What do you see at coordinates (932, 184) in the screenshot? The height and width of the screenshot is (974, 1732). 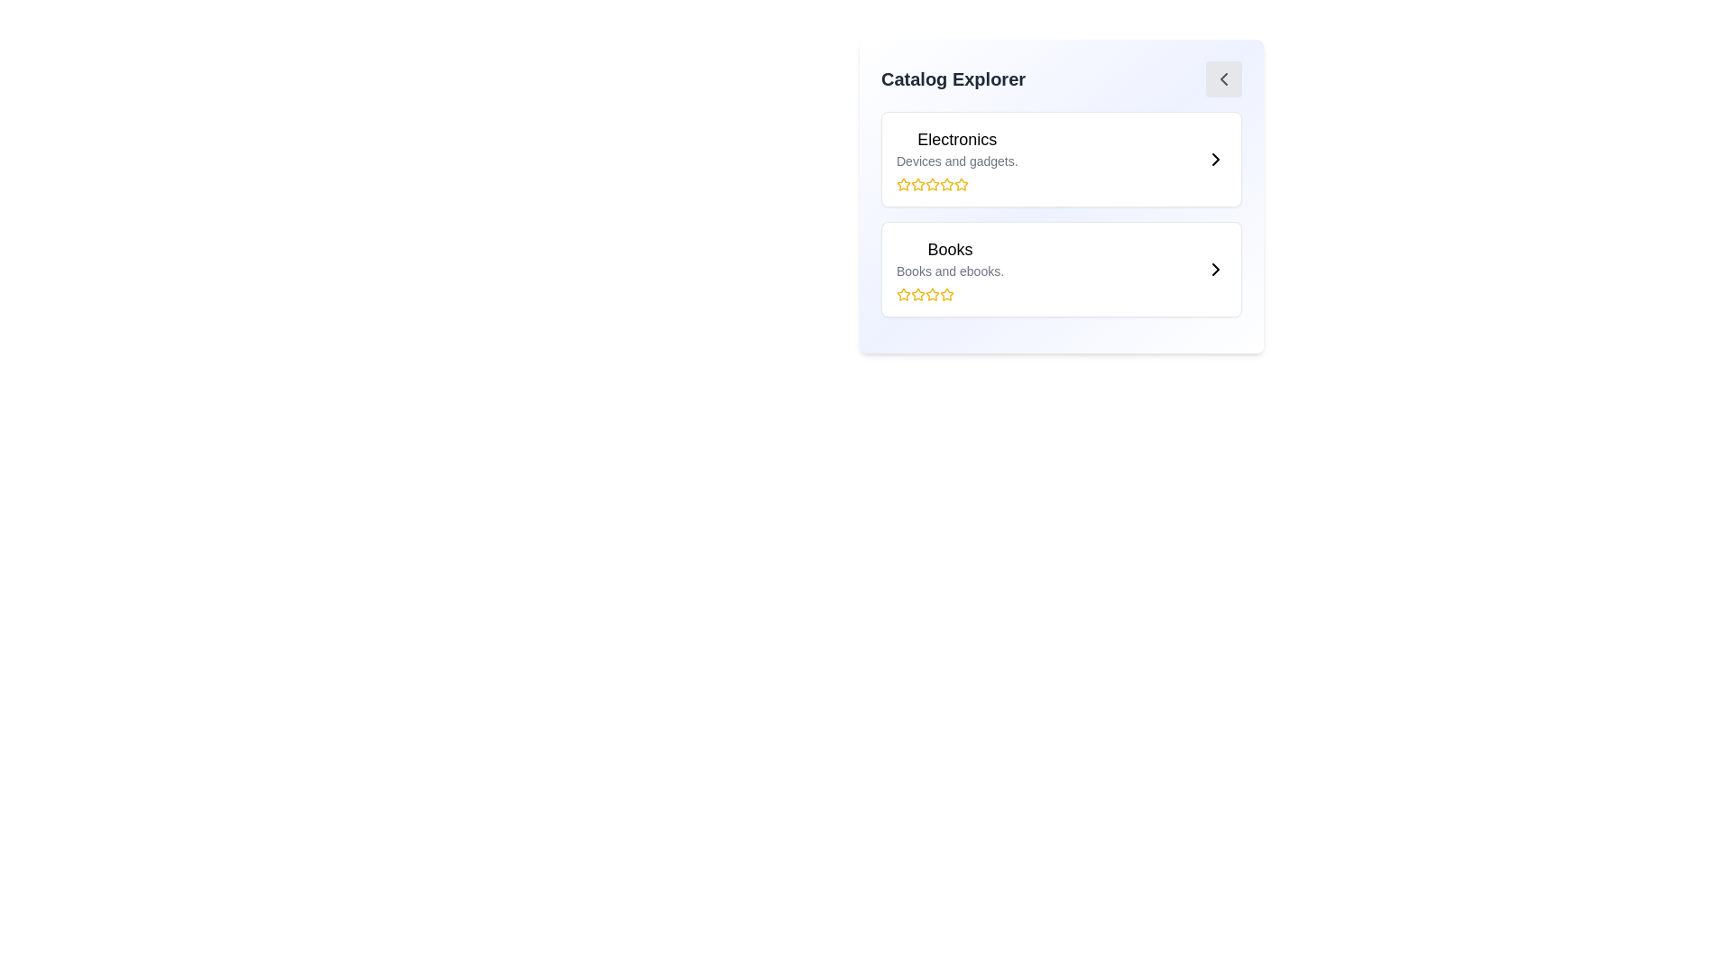 I see `the second rating star in the rating system for the 'Electronics' category` at bounding box center [932, 184].